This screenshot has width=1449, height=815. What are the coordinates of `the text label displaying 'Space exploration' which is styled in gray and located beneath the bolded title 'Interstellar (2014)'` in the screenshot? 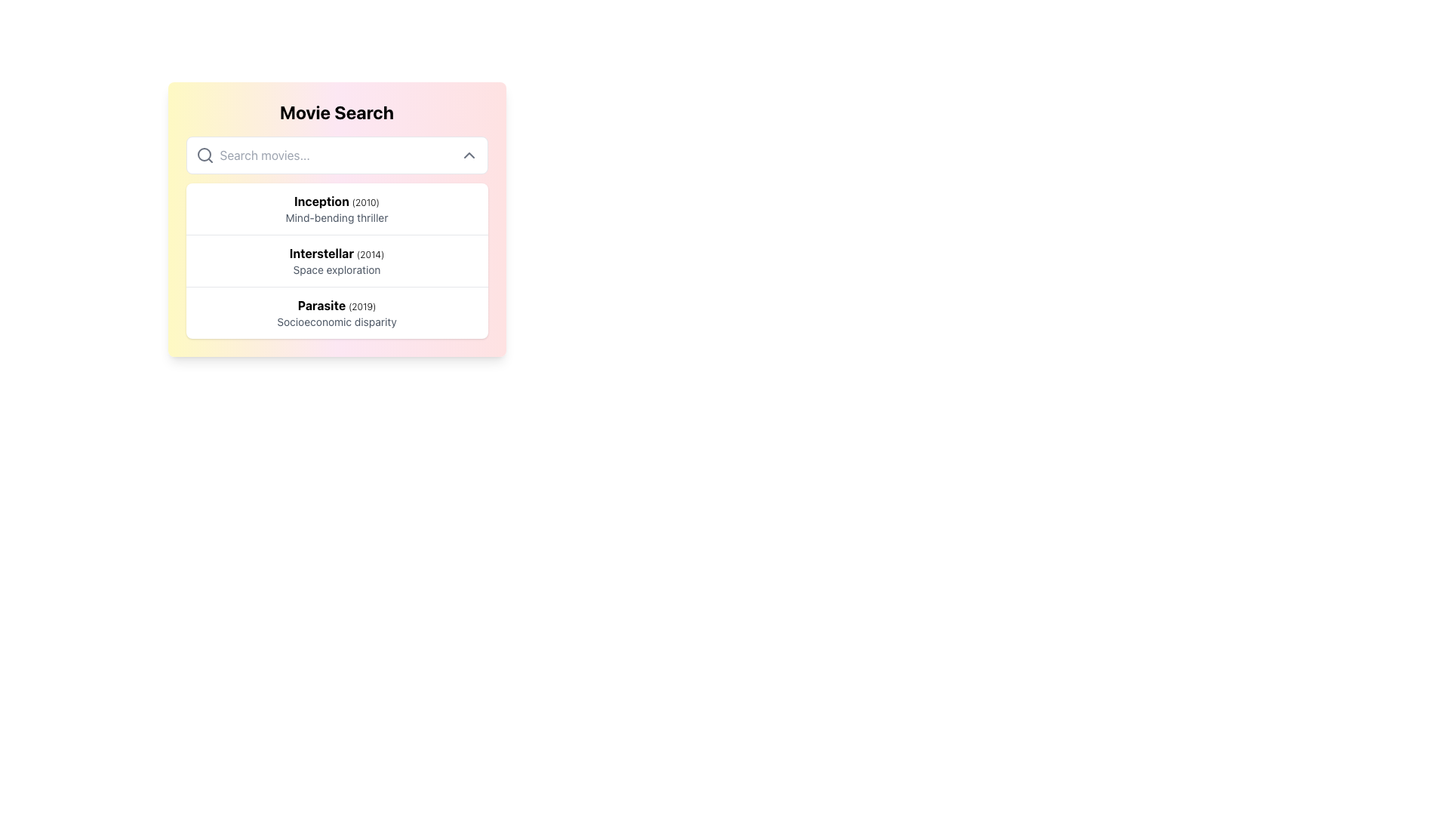 It's located at (336, 269).